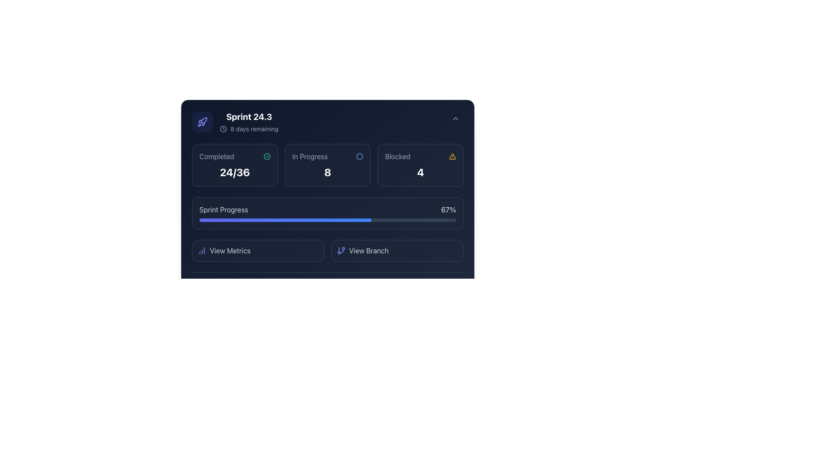 The width and height of the screenshot is (838, 471). What do you see at coordinates (369, 250) in the screenshot?
I see `the text label indicating branch viewing, located in the bottom right section of the application interface, adjacent to the branch symbol icon` at bounding box center [369, 250].